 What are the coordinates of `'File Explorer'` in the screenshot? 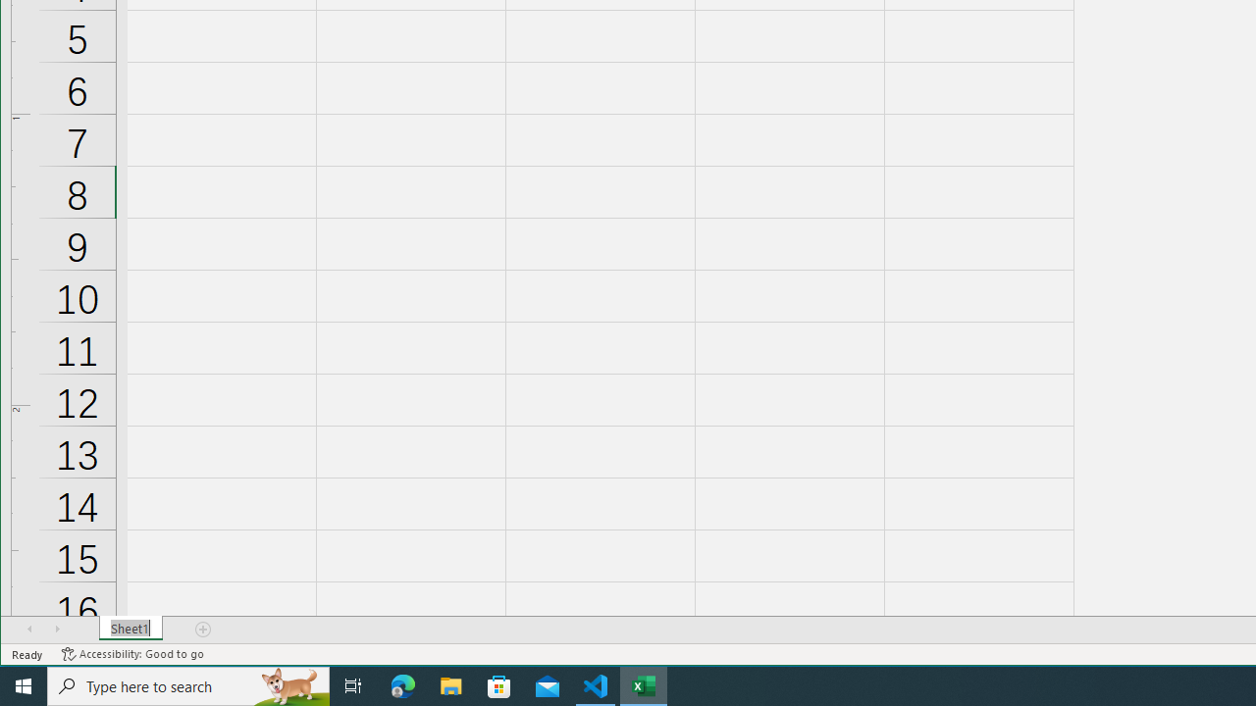 It's located at (450, 684).